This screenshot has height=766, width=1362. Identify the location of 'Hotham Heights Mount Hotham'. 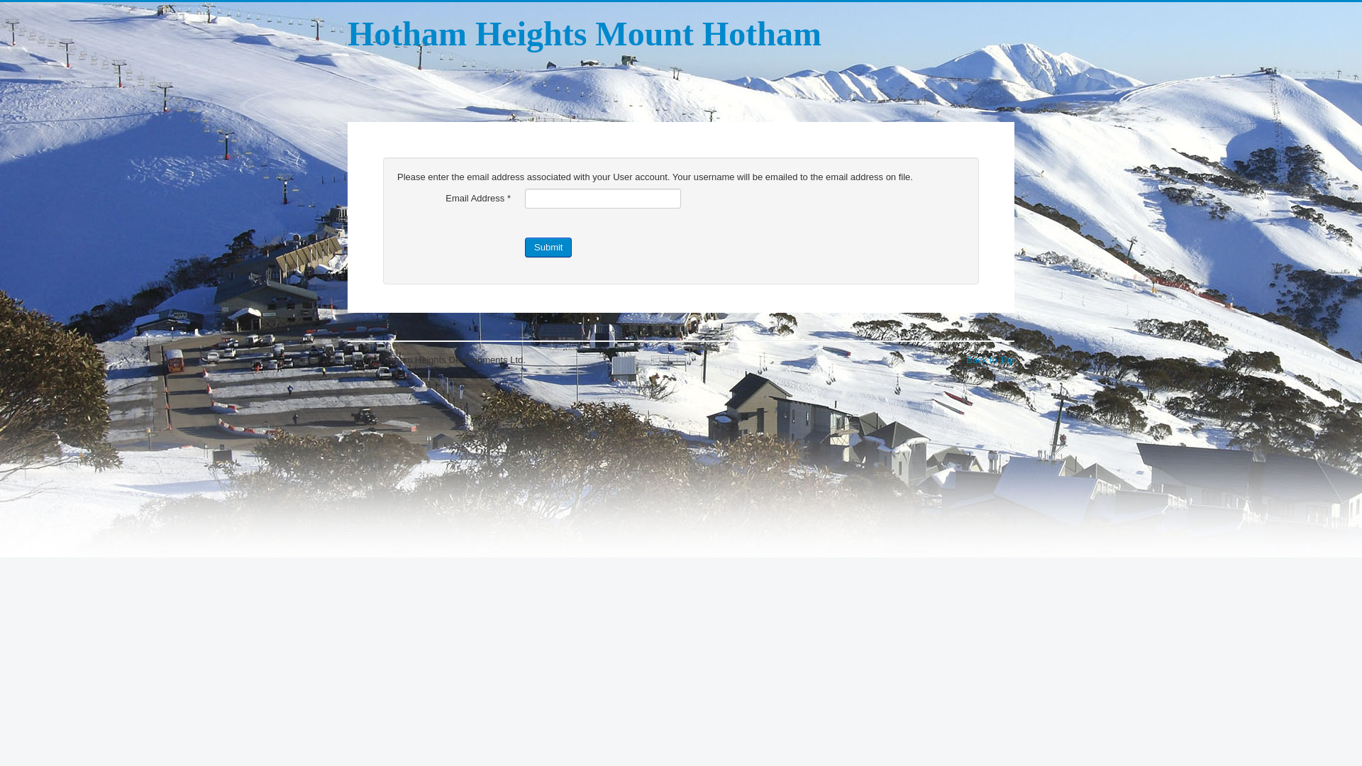
(585, 33).